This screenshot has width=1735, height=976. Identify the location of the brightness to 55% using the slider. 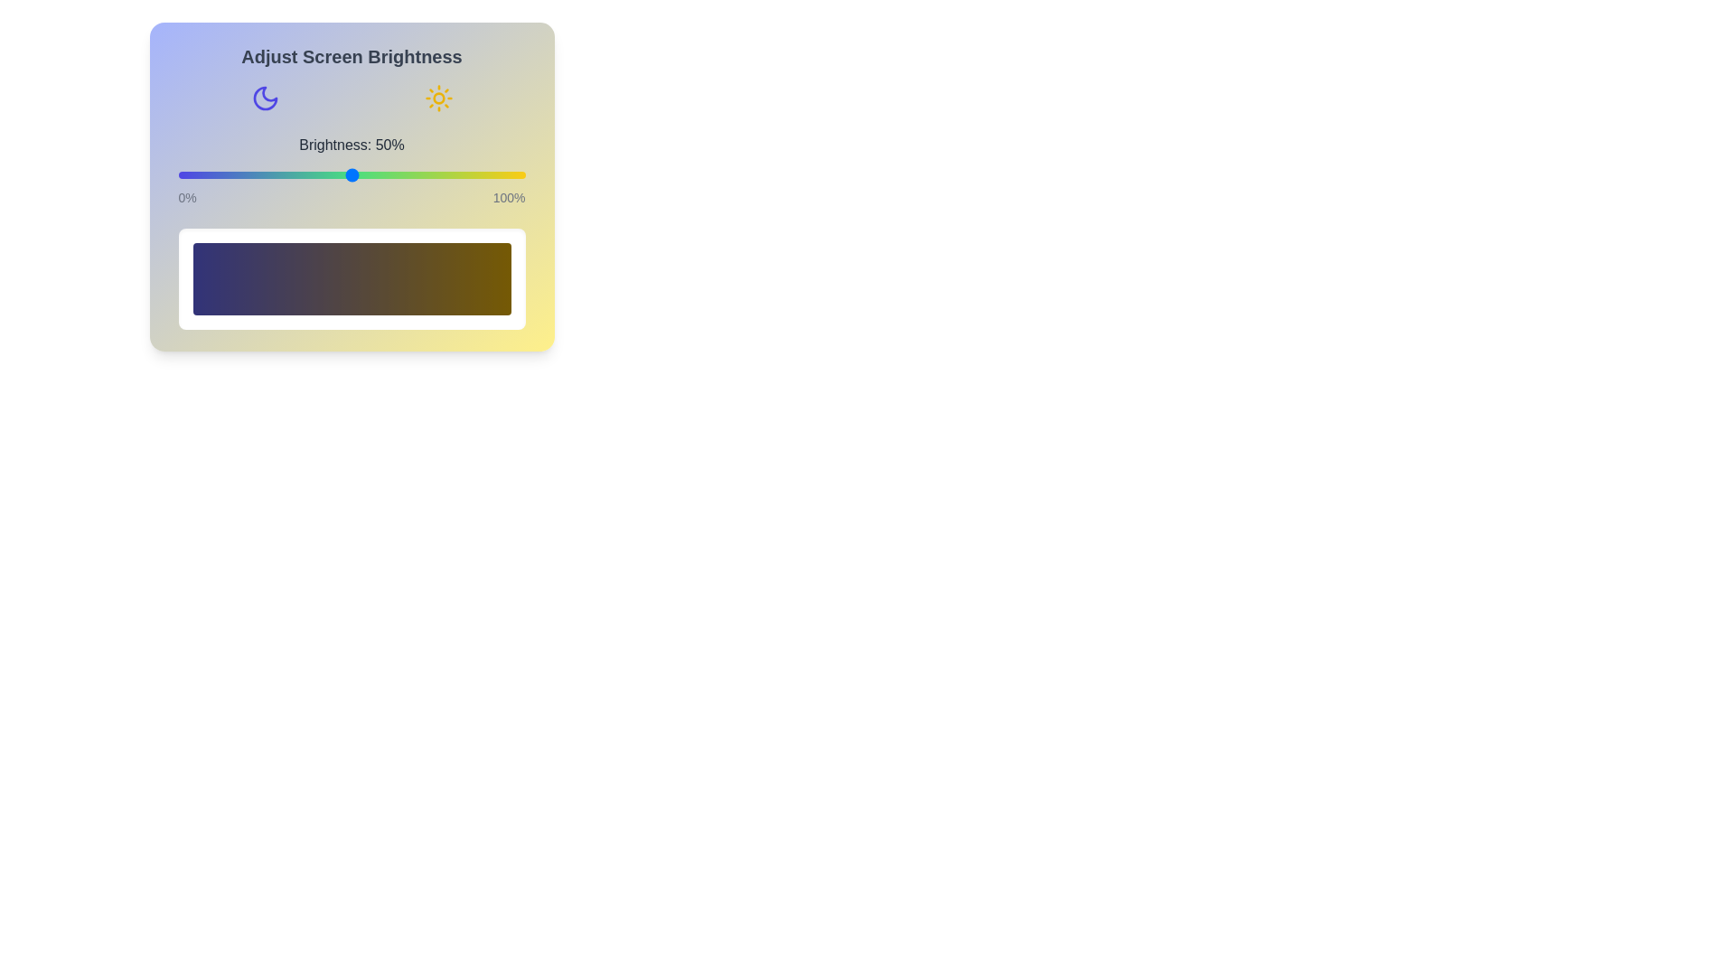
(368, 174).